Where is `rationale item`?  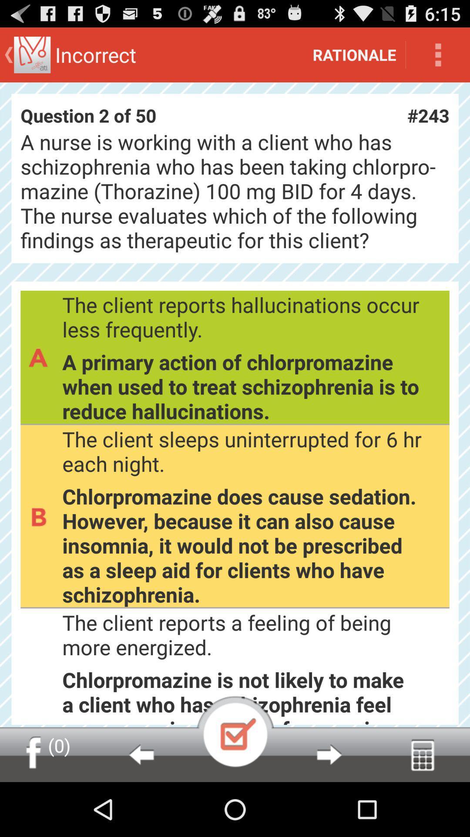
rationale item is located at coordinates (354, 54).